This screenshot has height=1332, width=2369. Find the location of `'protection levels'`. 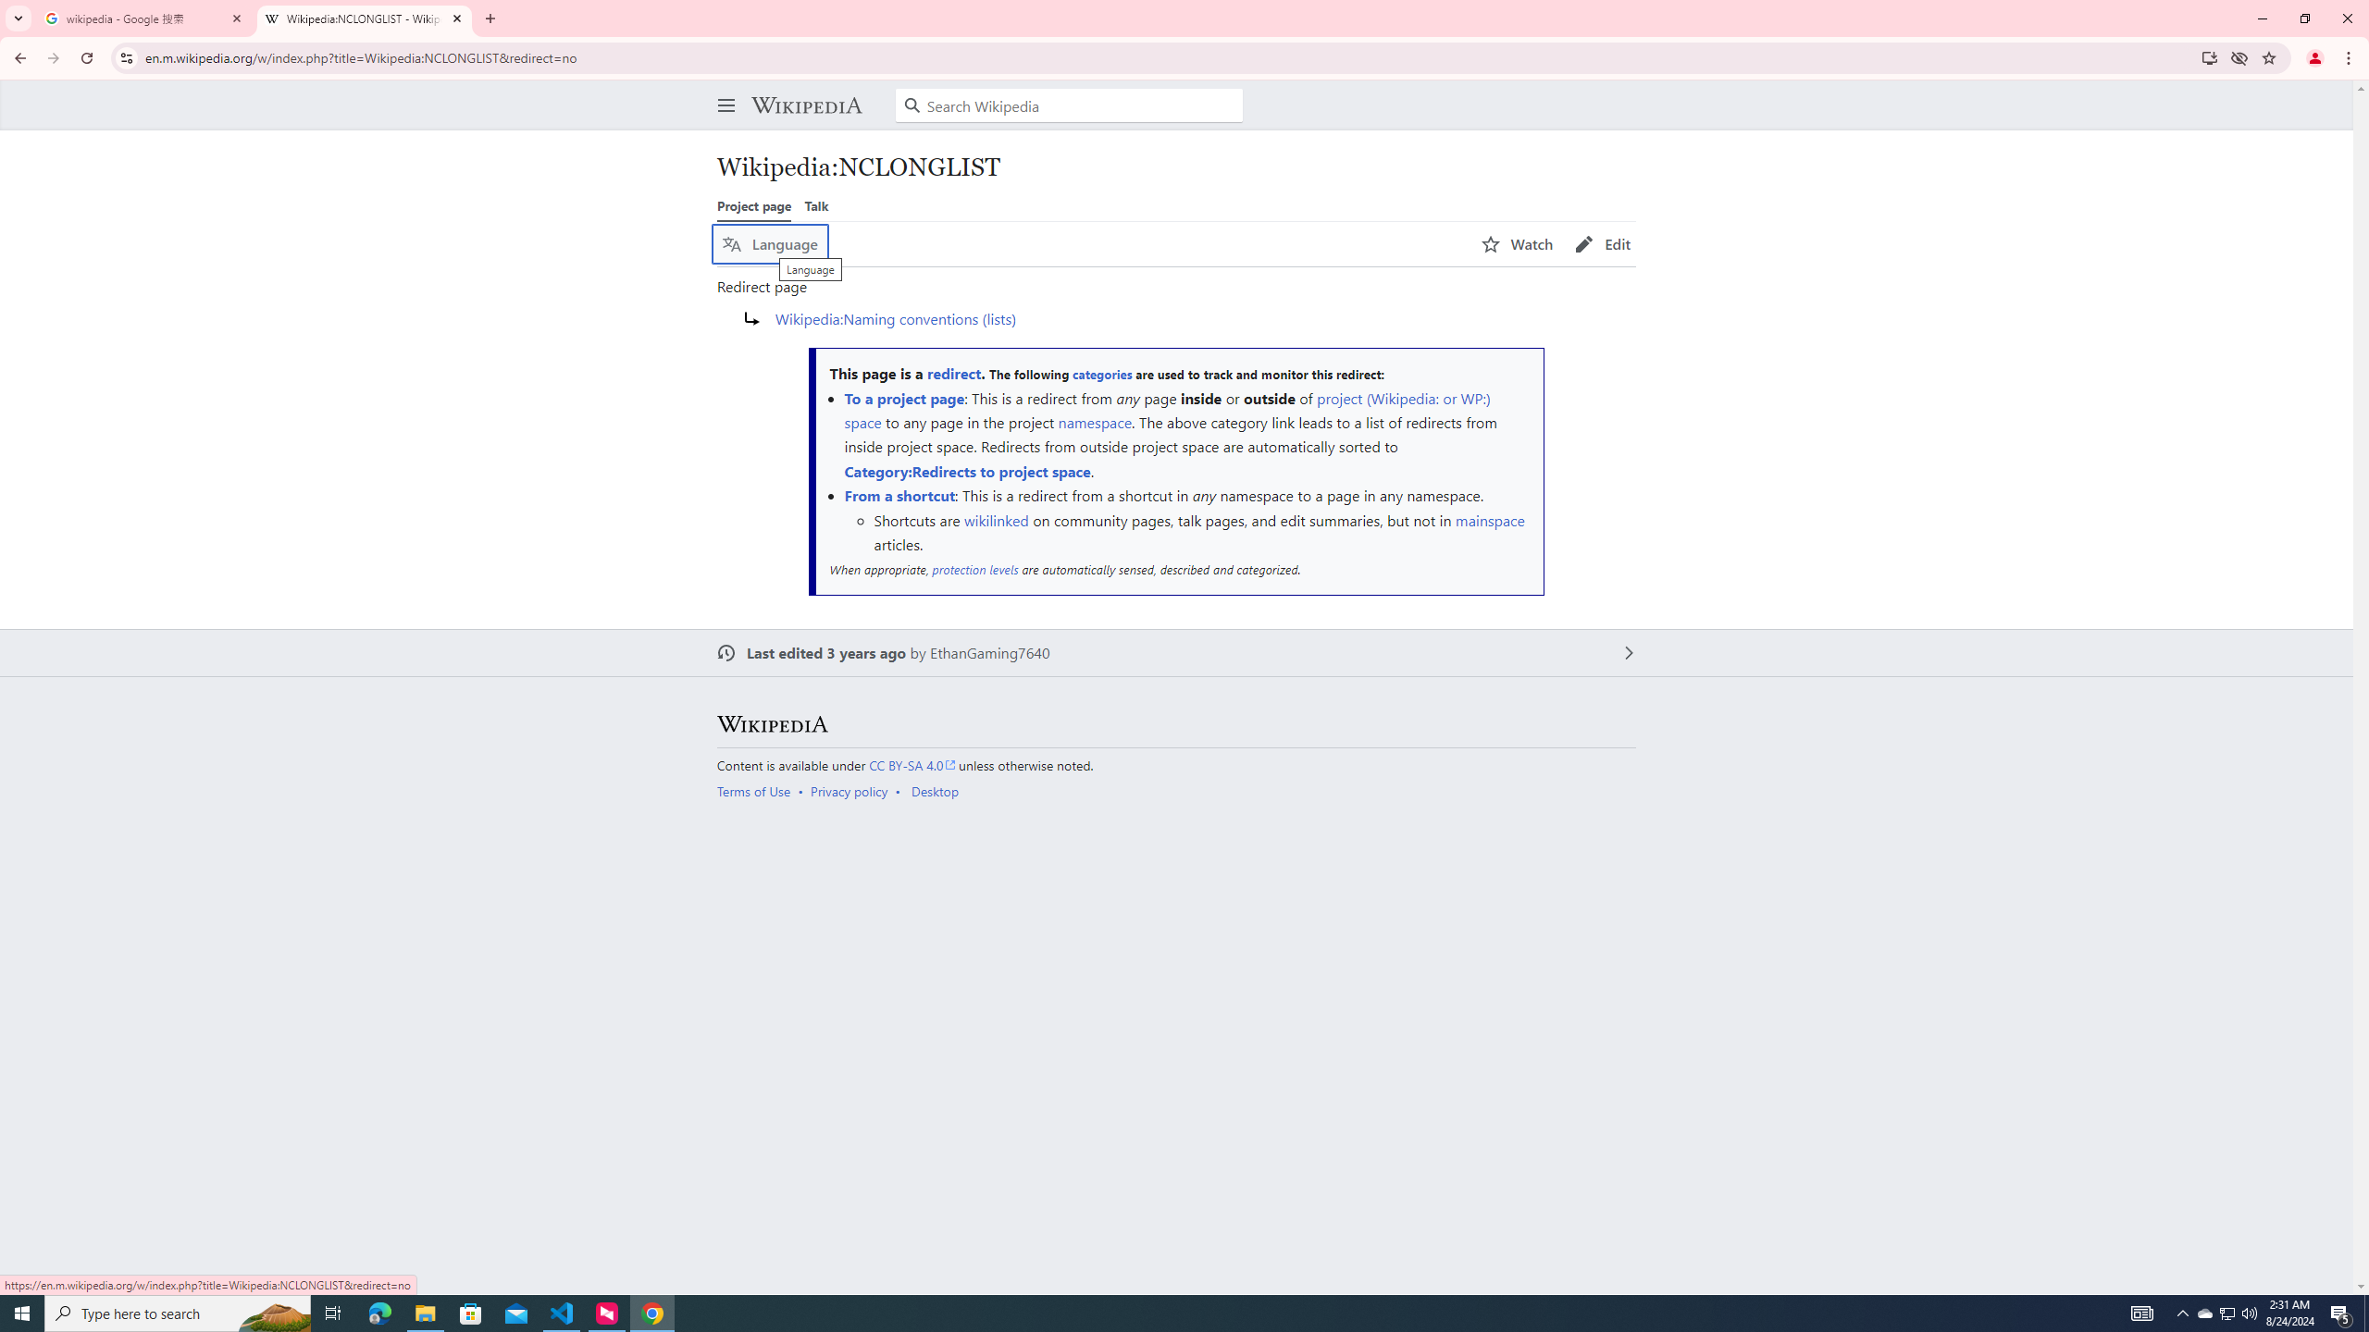

'protection levels' is located at coordinates (974, 570).